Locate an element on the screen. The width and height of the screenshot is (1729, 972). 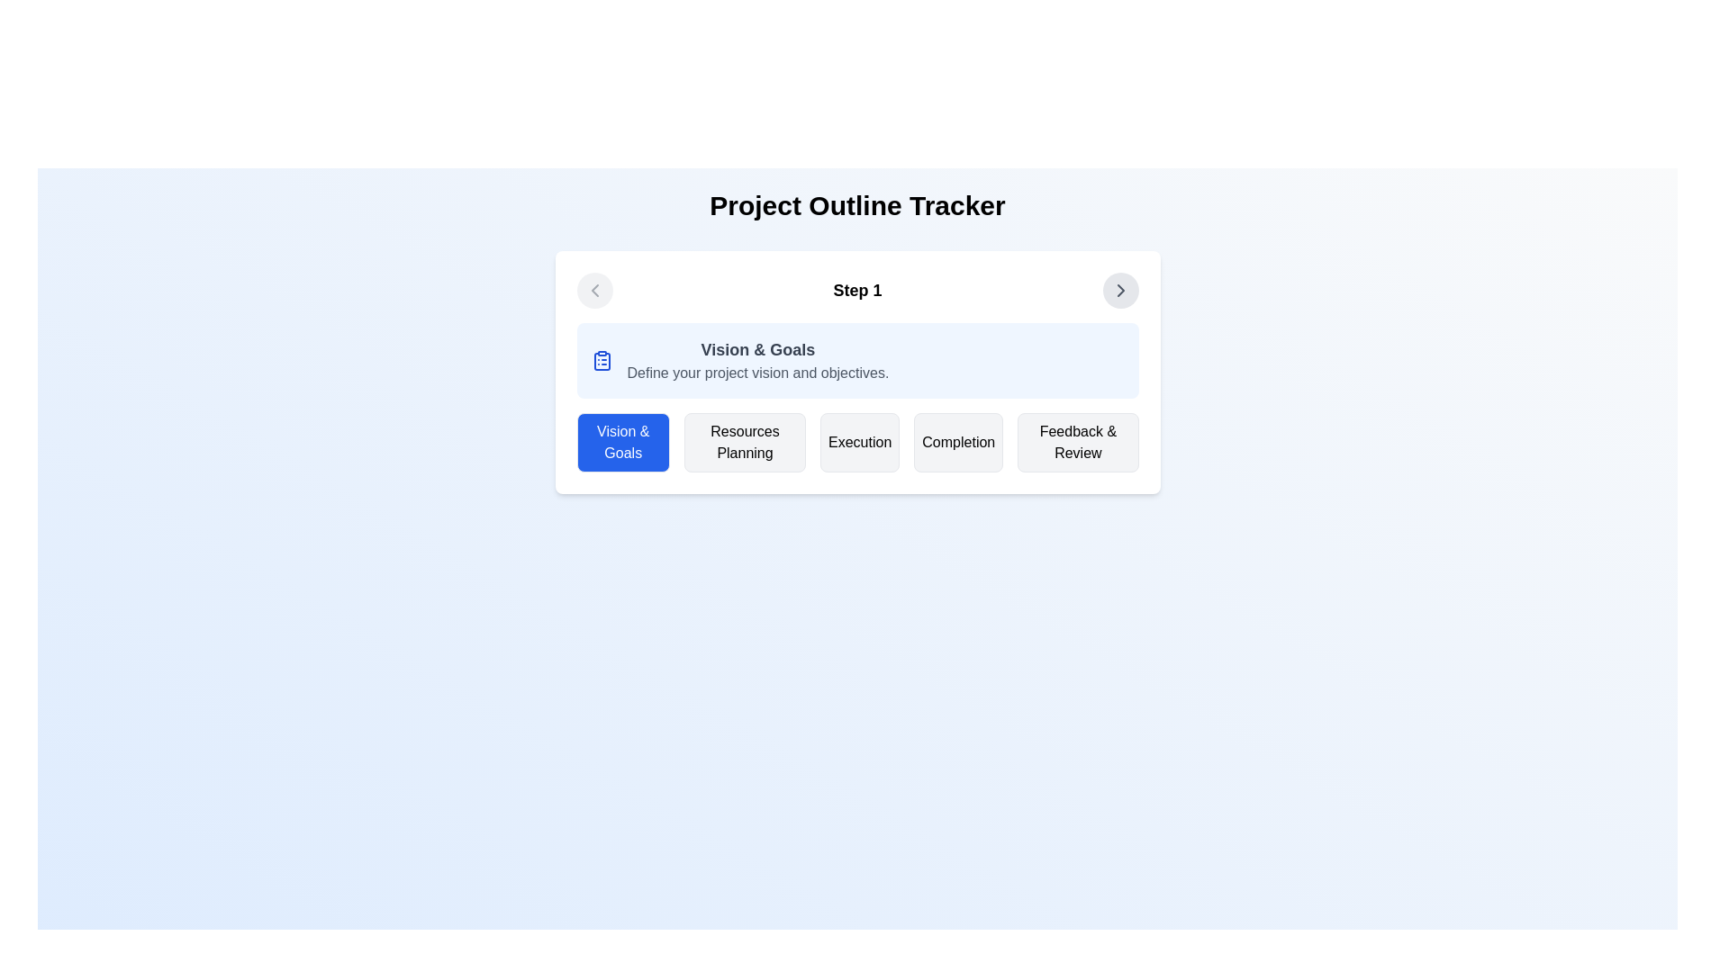
the 'Resources Planning' button, which is the second button in a row of five buttons for navigation is located at coordinates (745, 443).